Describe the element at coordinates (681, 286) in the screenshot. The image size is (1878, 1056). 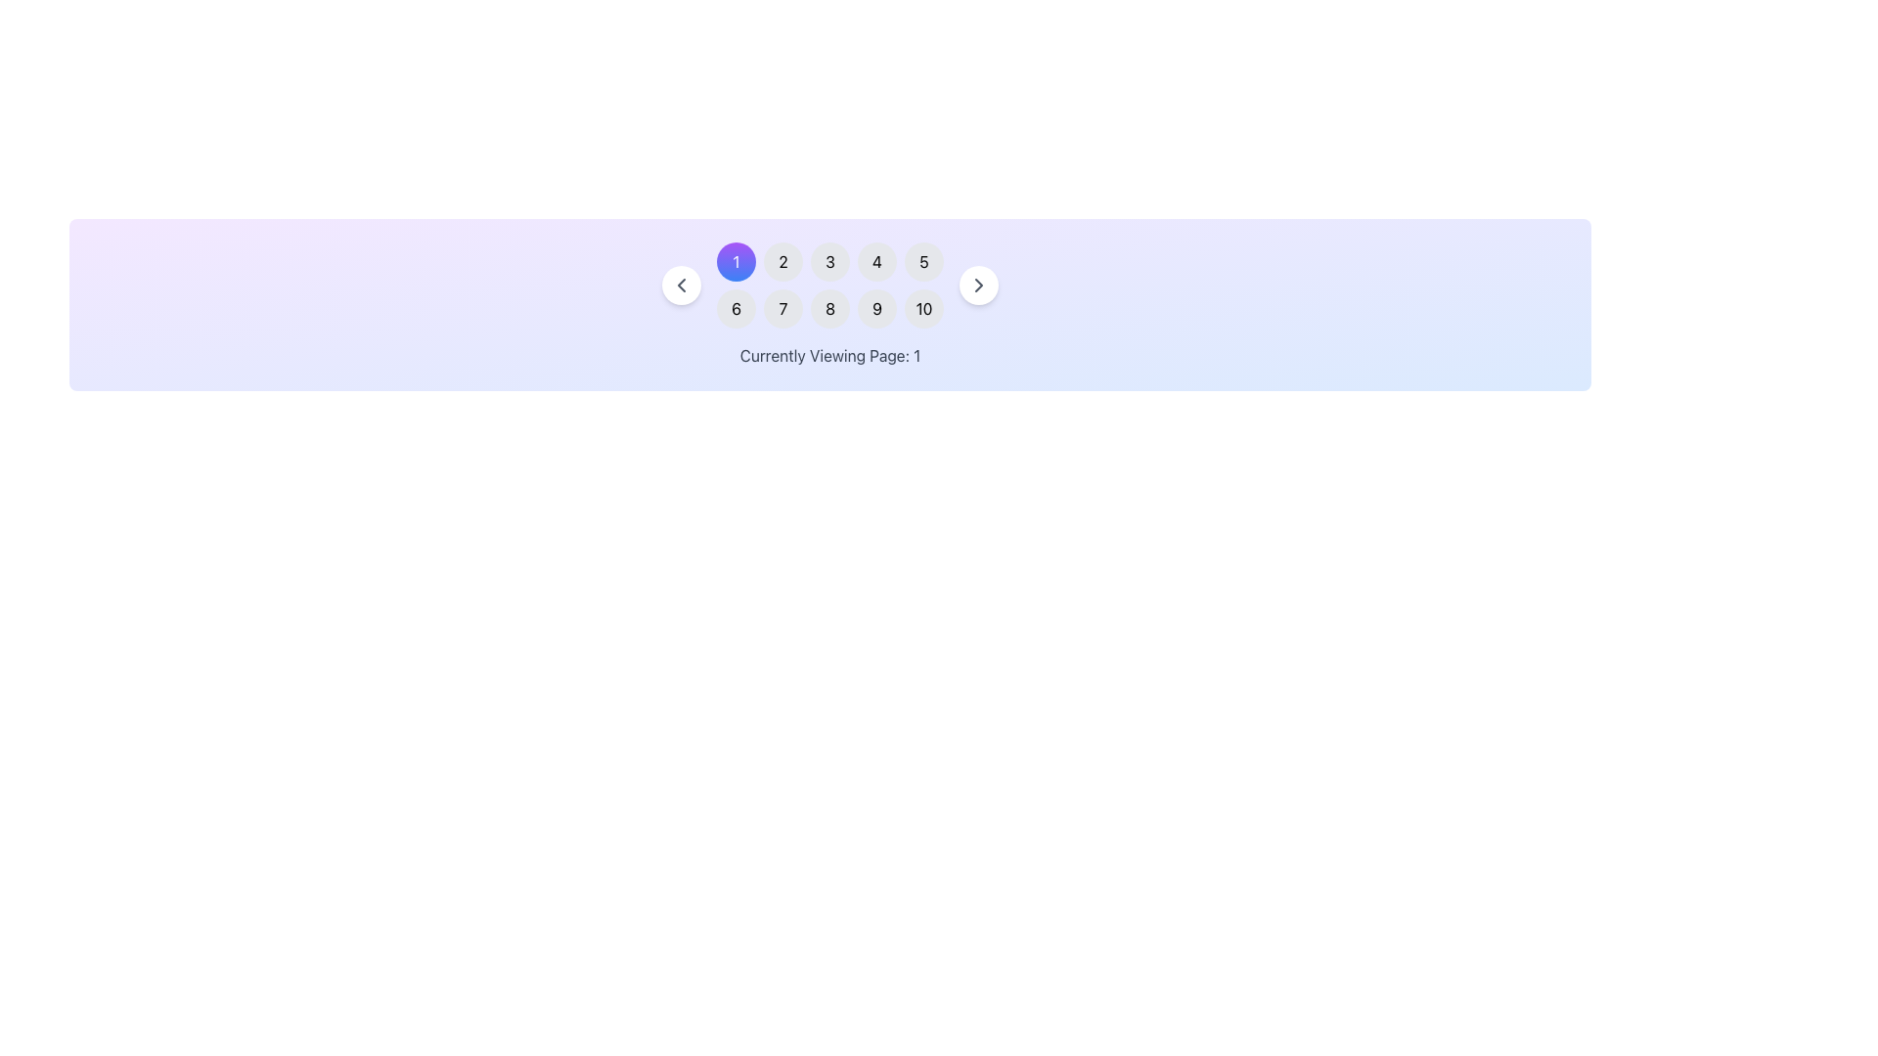
I see `the leftmost pagination button that allows navigation to the previous set of pages, located to the left of the numeric buttons` at that location.